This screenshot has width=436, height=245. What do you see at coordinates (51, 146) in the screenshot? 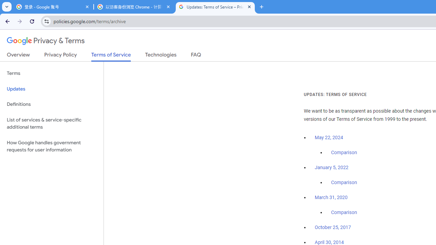
I see `'How Google handles government requests for user information'` at bounding box center [51, 146].